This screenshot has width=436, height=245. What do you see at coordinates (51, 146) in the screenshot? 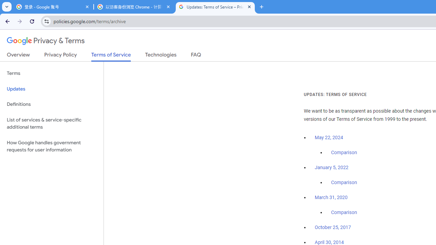
I see `'How Google handles government requests for user information'` at bounding box center [51, 146].